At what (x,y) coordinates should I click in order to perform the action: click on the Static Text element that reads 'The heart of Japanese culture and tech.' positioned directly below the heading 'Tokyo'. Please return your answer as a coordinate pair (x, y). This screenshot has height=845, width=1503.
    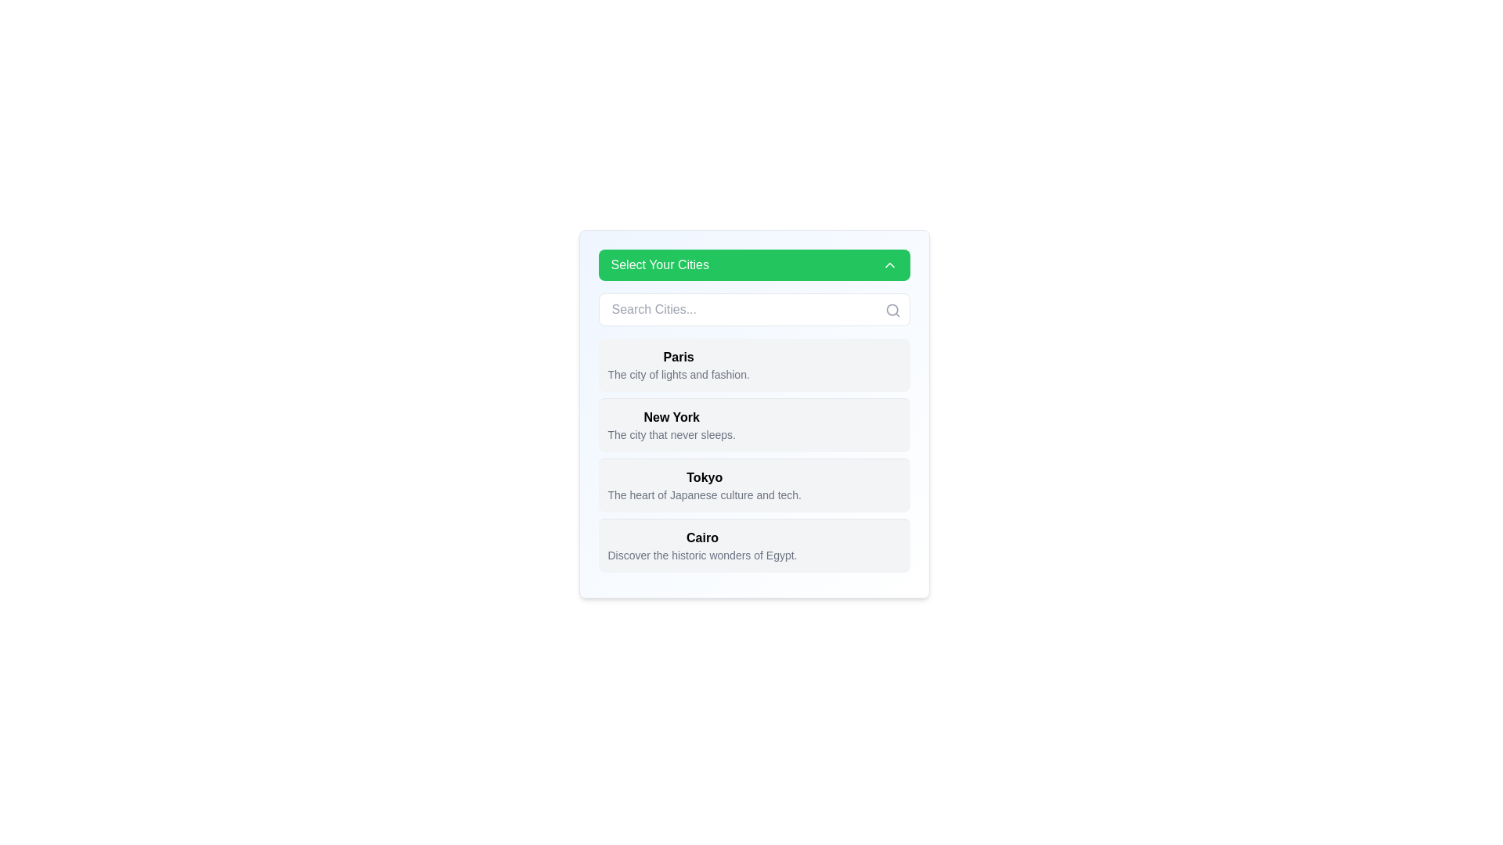
    Looking at the image, I should click on (704, 494).